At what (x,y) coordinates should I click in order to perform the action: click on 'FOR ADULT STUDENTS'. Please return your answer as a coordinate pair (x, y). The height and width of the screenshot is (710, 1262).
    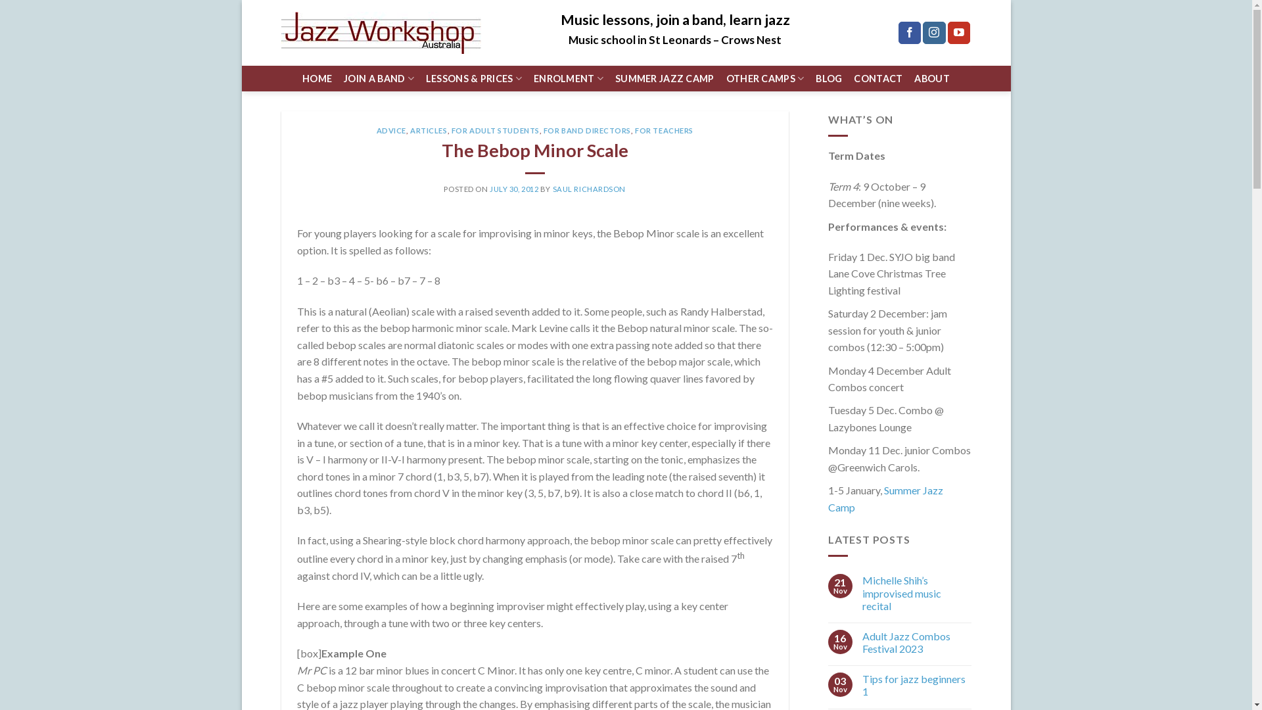
    Looking at the image, I should click on (494, 130).